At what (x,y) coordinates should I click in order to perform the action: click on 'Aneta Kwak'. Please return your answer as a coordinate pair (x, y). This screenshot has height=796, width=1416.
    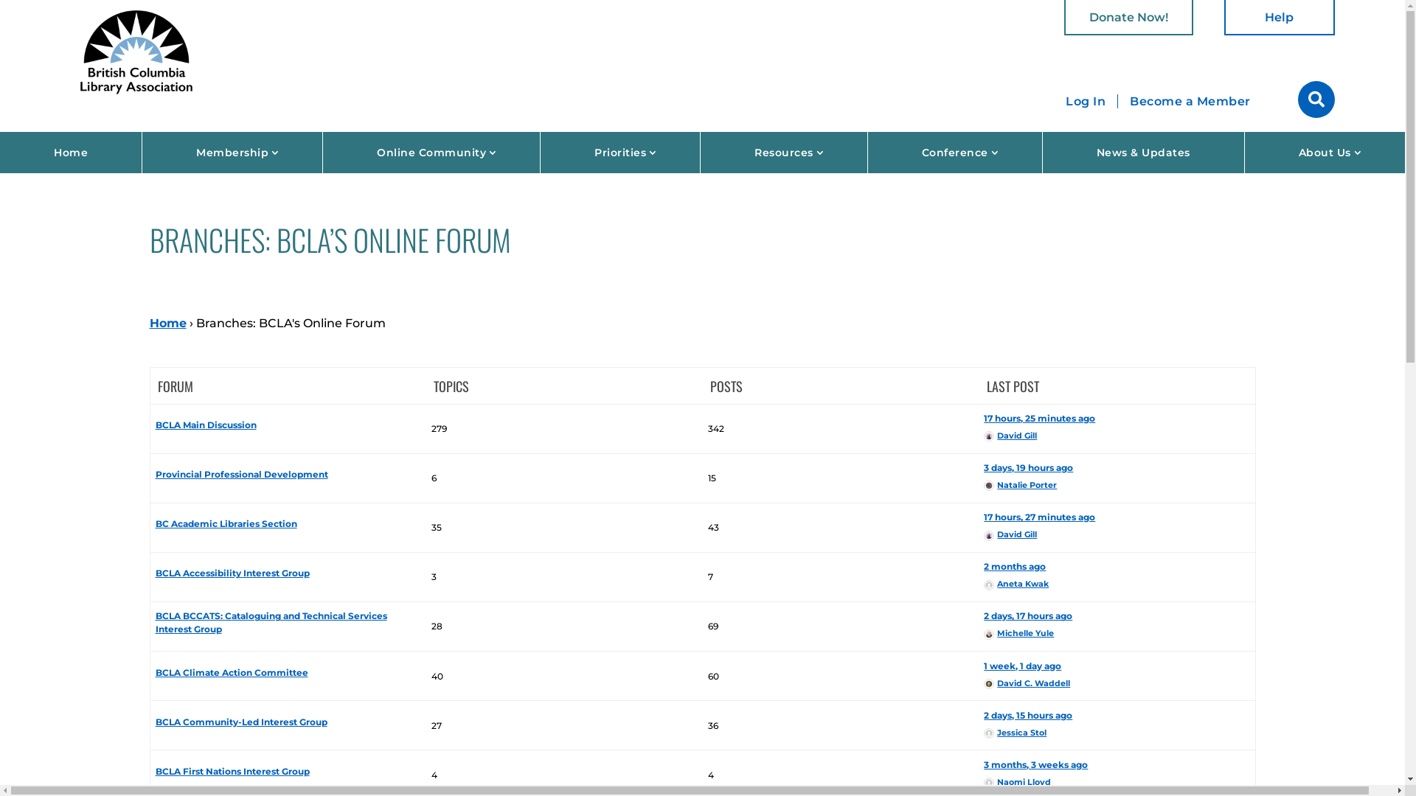
    Looking at the image, I should click on (1015, 582).